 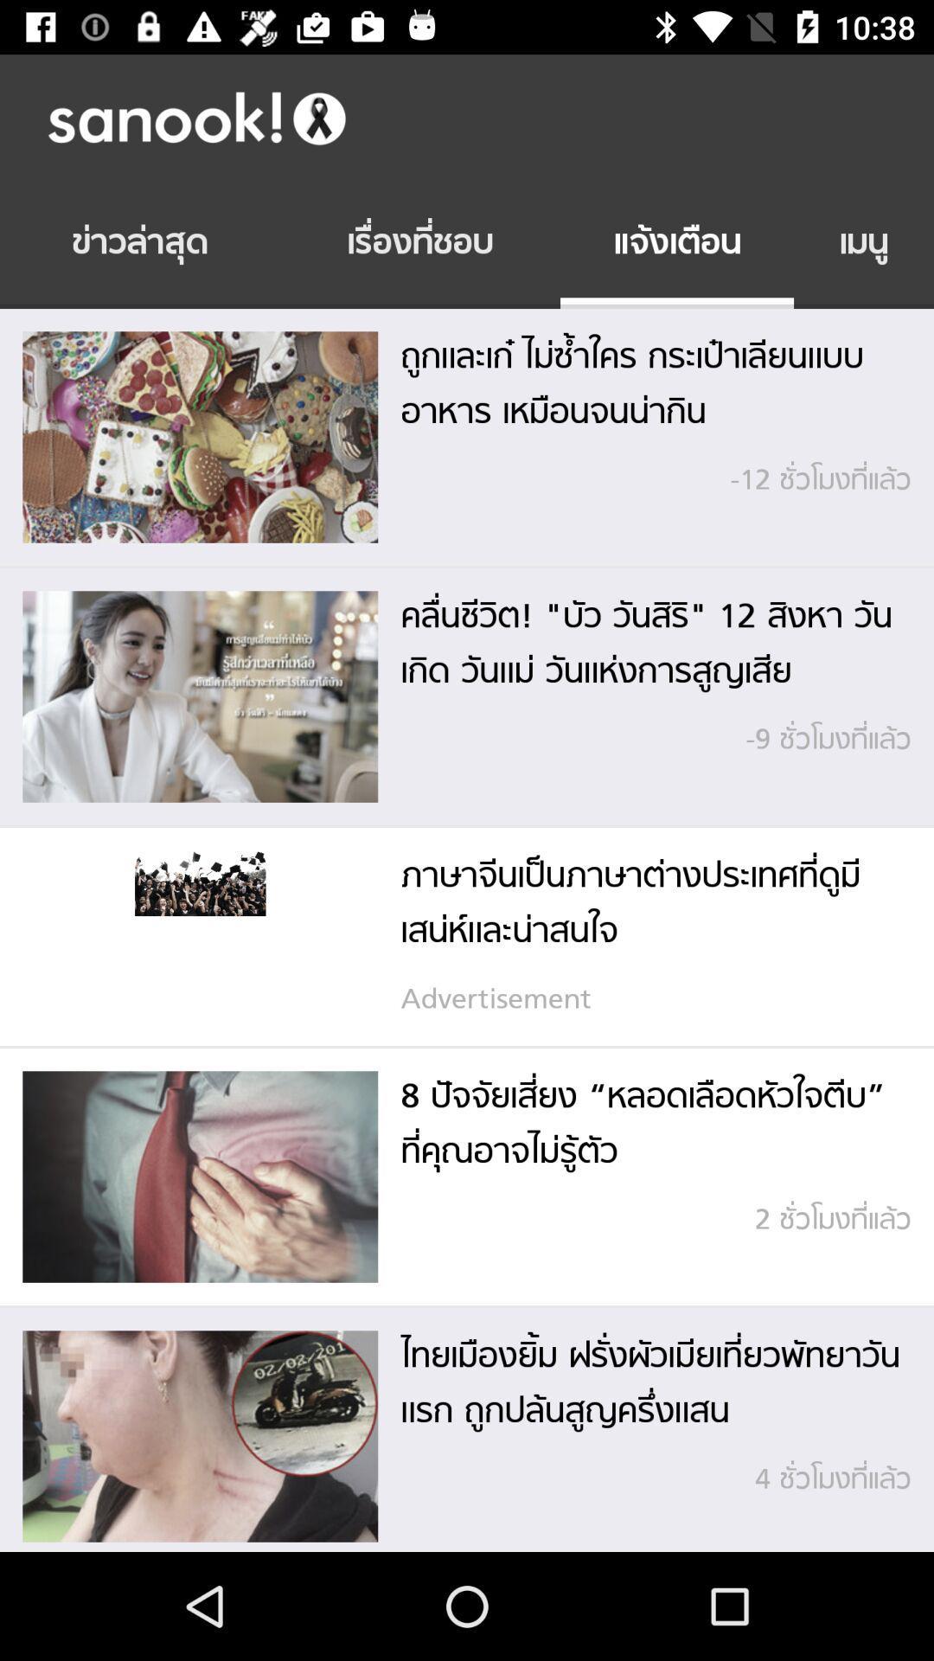 I want to click on the 2nd text in the 2nd row which is in the black background, so click(x=420, y=244).